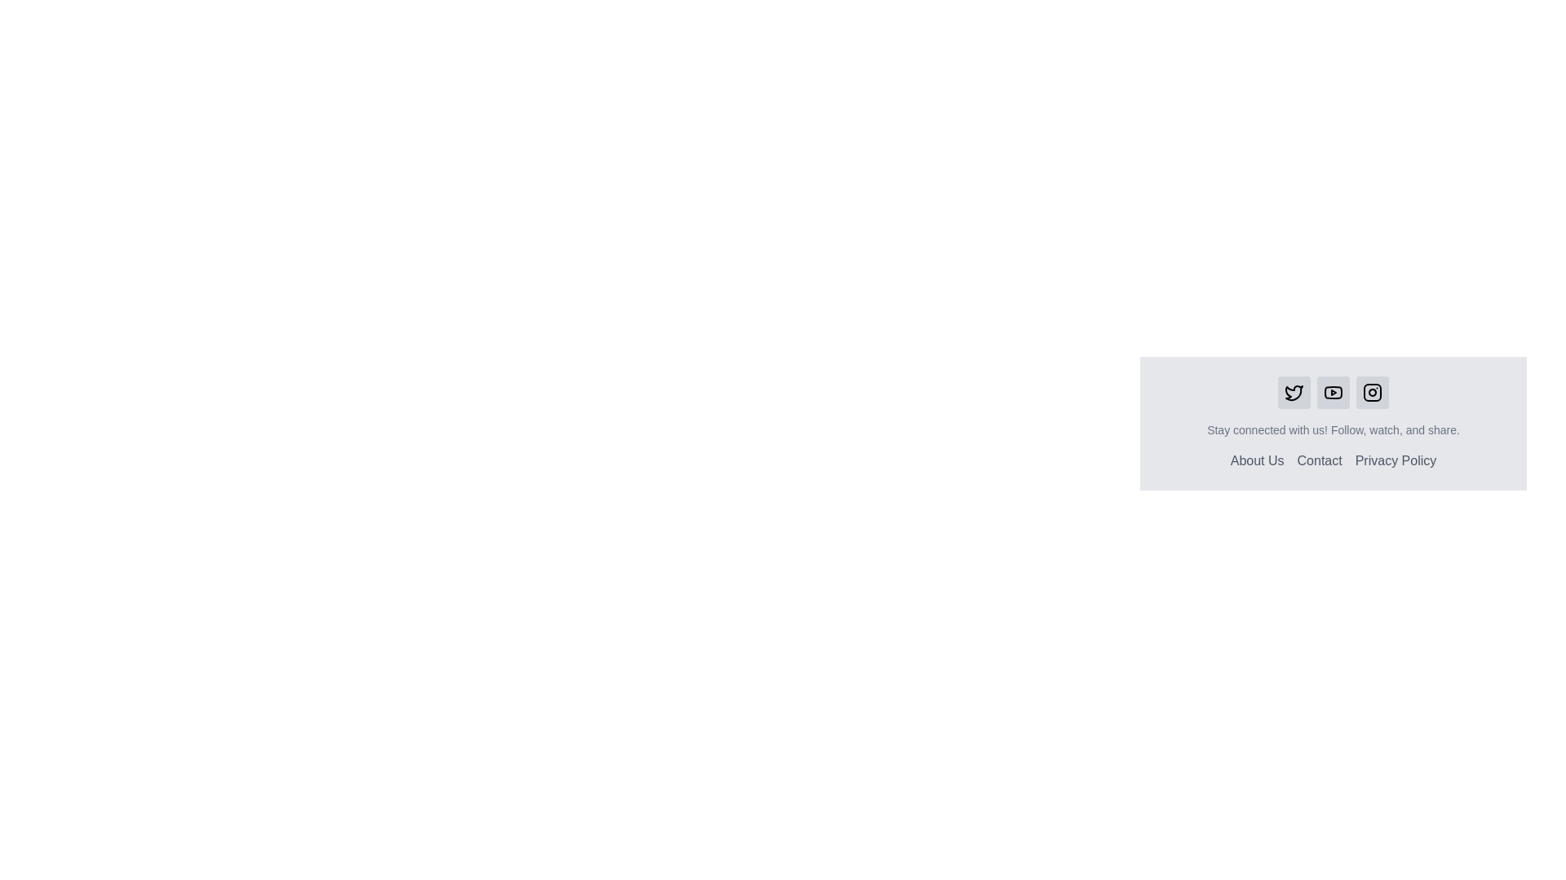 The height and width of the screenshot is (880, 1566). Describe the element at coordinates (1372, 393) in the screenshot. I see `the button with a circular Instagram logo, which is located to the far right within a horizontal group of three buttons, styled with a light gray background and rounded corners` at that location.